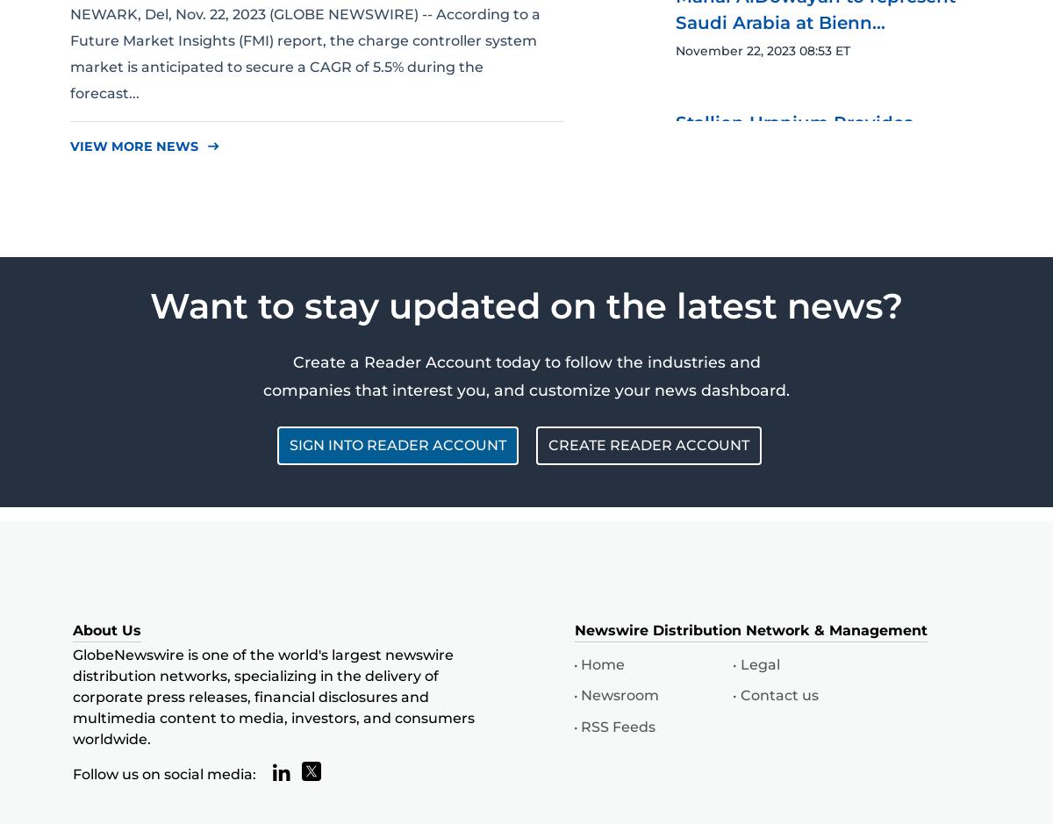  Describe the element at coordinates (73, 704) in the screenshot. I see `'GlobeNewswire is one of the world's largest newswire distribution networks, specializing in the delivery of corporate press releases, financial disclosures and multimedia content to media, investors, and consumers worldwide.'` at that location.